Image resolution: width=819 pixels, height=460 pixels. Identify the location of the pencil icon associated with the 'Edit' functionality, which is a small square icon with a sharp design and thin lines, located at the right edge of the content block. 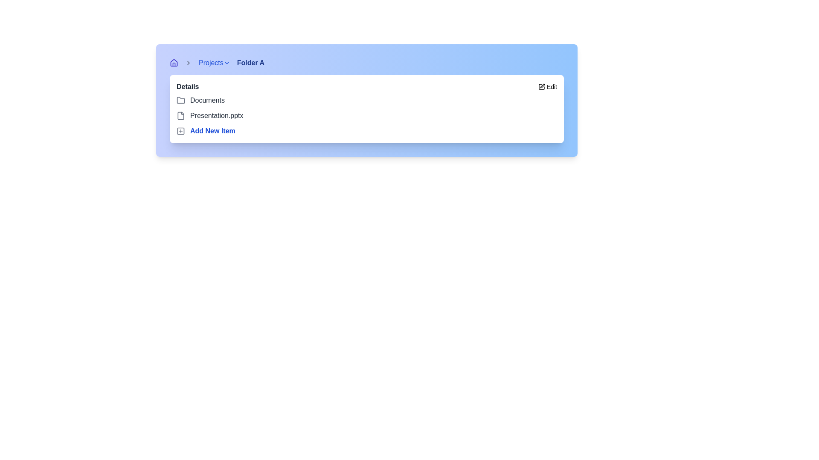
(541, 87).